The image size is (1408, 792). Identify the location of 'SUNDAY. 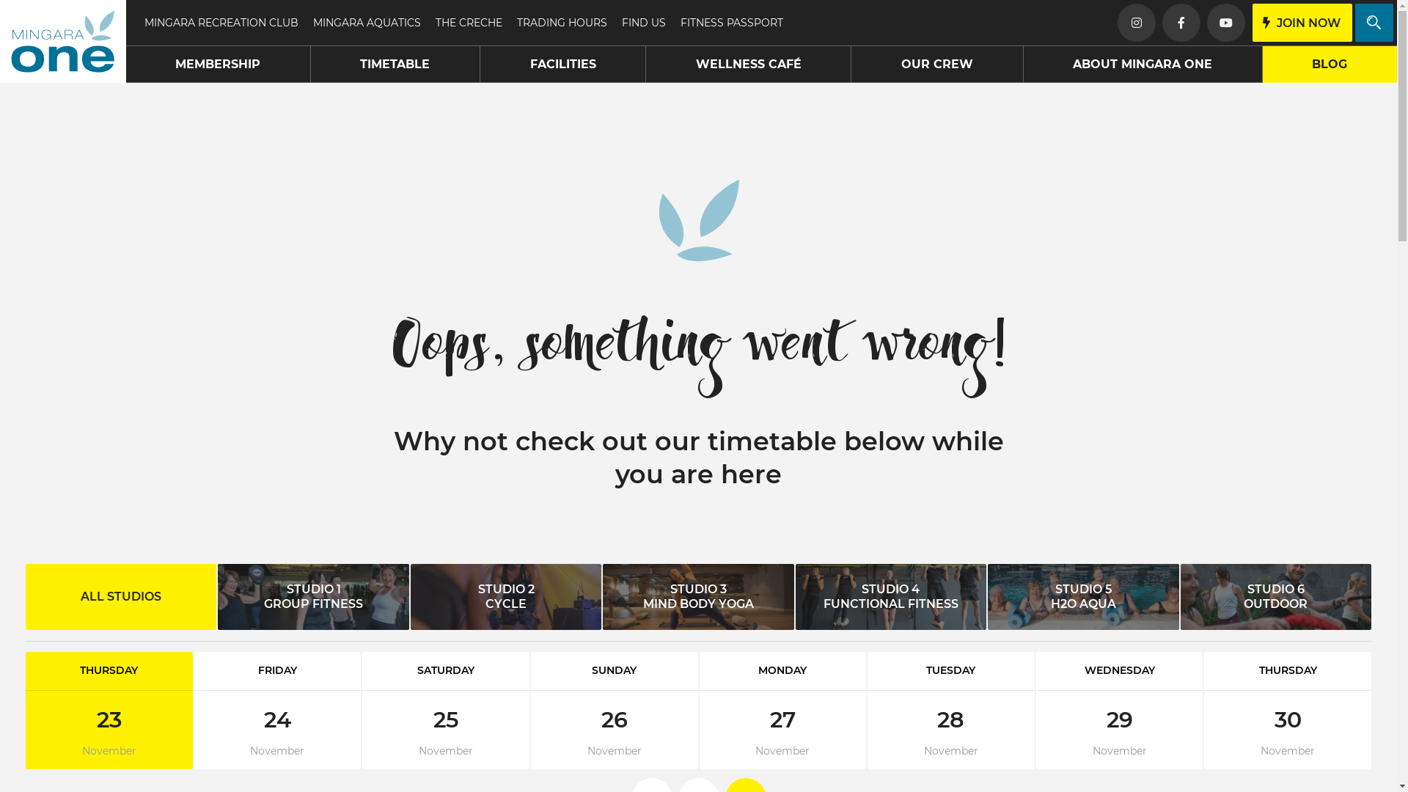
(615, 709).